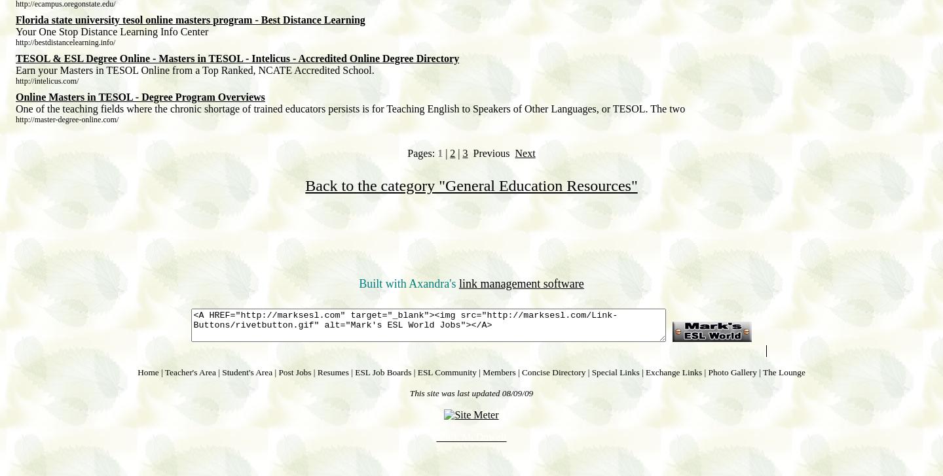  I want to click on 'Mark McDowell', so click(471, 437).